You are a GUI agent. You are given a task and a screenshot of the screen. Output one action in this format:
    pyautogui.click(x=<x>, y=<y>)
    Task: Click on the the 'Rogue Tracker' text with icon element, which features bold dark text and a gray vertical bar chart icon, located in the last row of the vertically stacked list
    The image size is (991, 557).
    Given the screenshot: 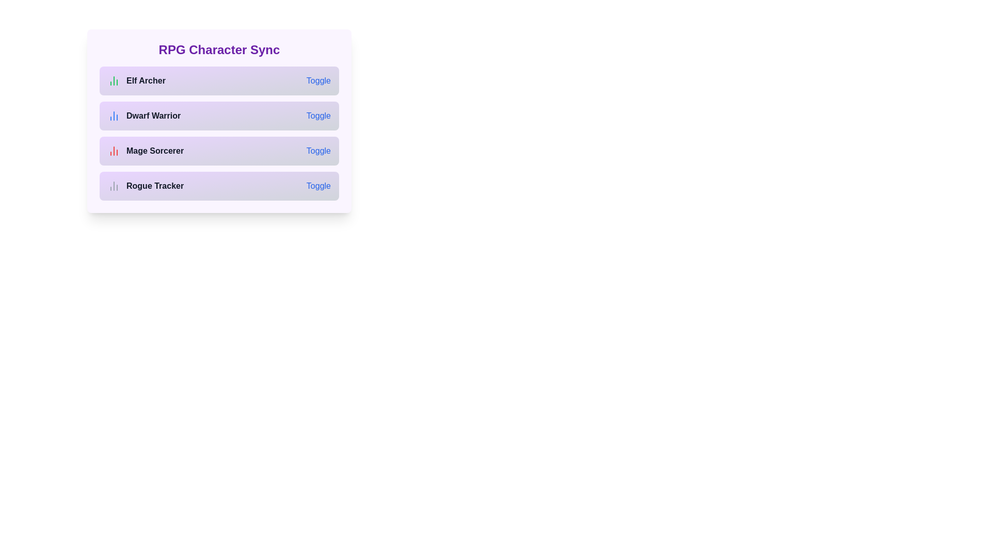 What is the action you would take?
    pyautogui.click(x=145, y=186)
    